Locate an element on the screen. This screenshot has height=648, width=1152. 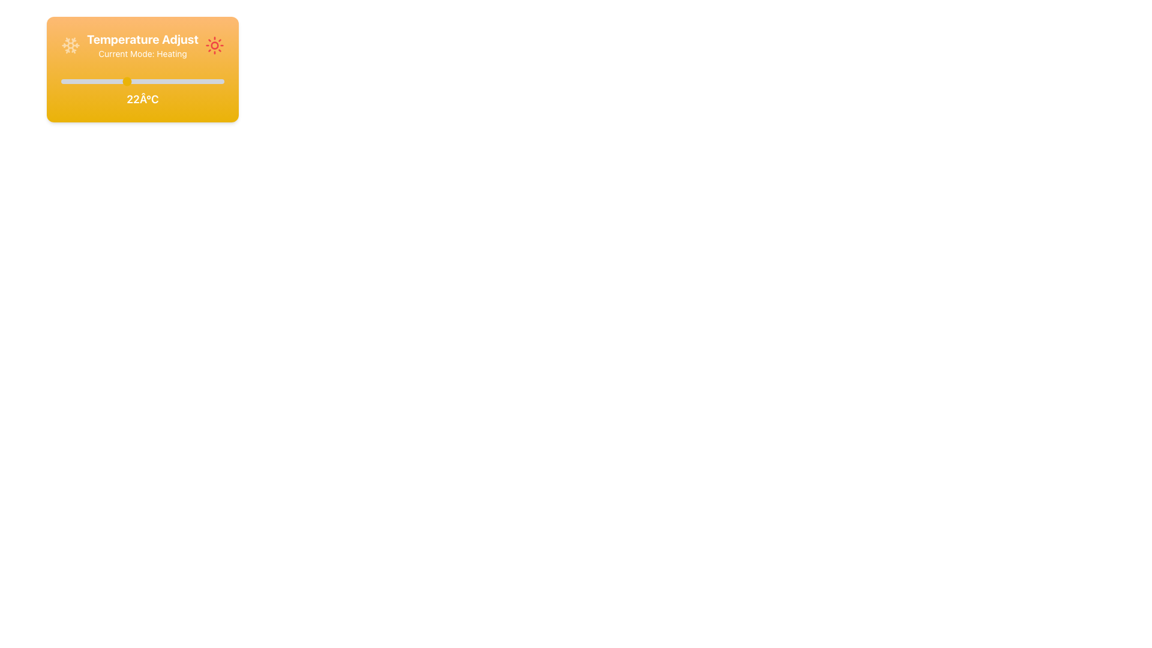
the temperature is located at coordinates (213, 81).